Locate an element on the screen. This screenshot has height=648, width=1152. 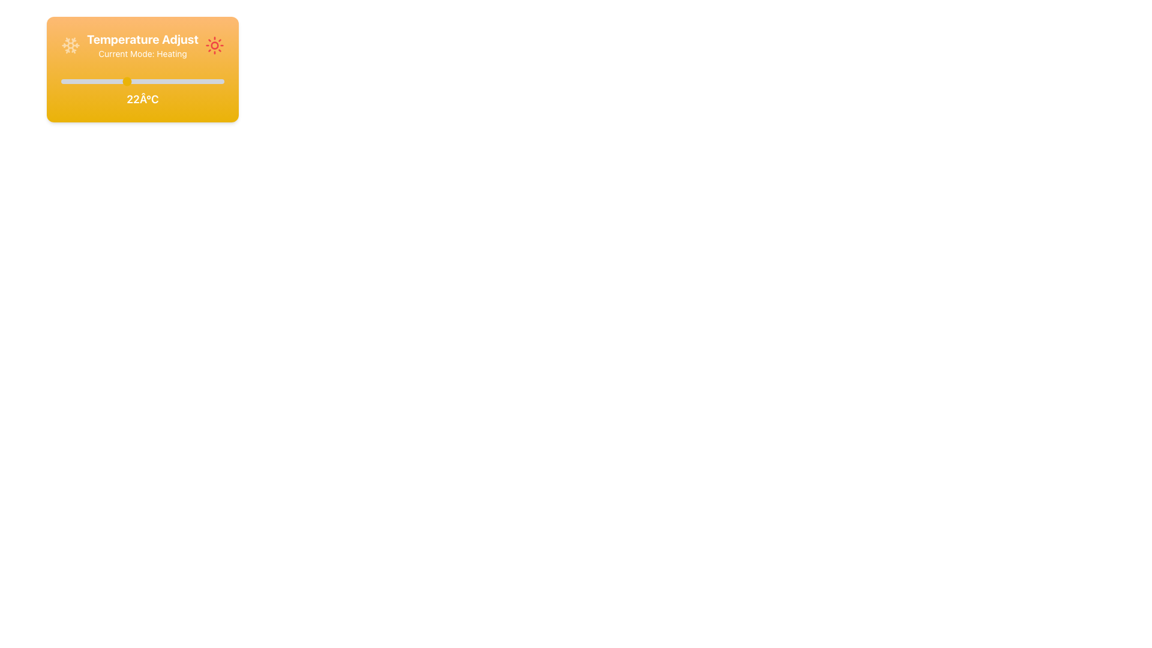
the temperature is located at coordinates (213, 81).